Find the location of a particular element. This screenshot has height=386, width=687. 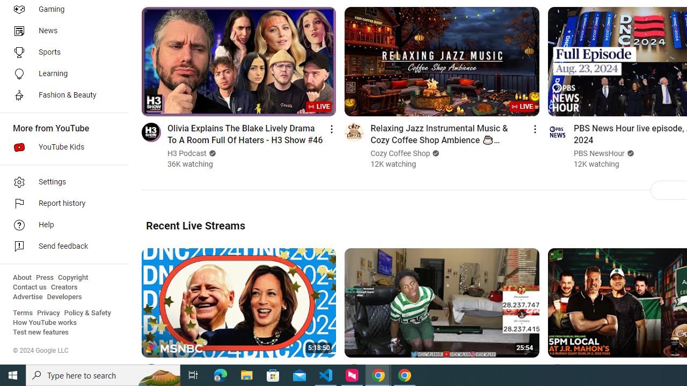

'Policy & Safety' is located at coordinates (87, 313).